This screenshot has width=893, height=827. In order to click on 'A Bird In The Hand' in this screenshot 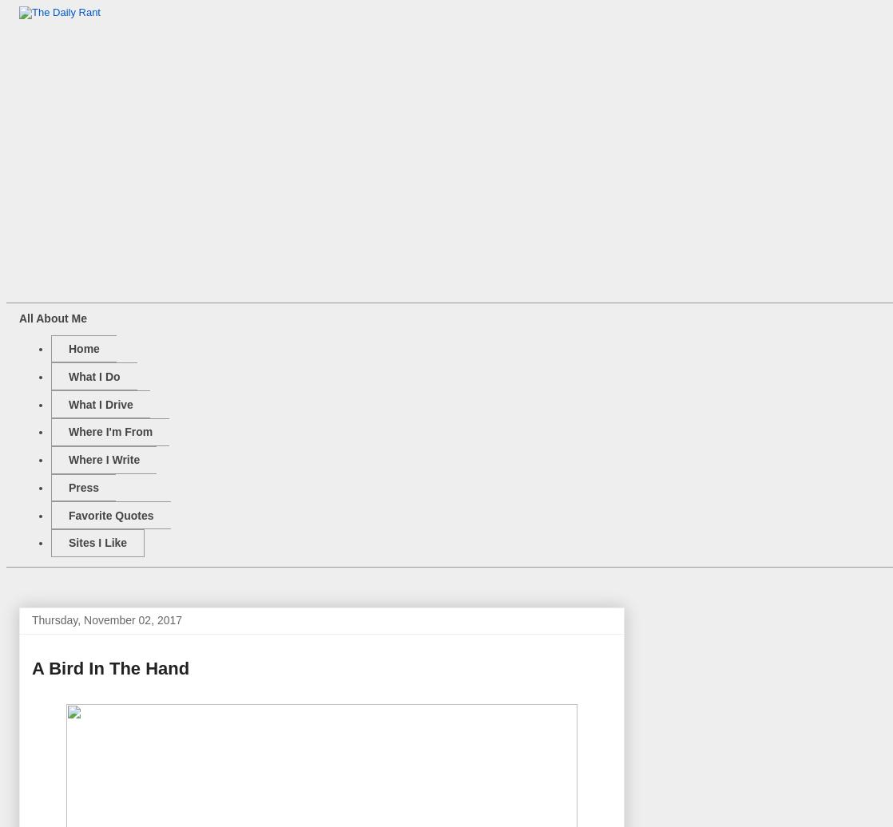, I will do `click(110, 667)`.